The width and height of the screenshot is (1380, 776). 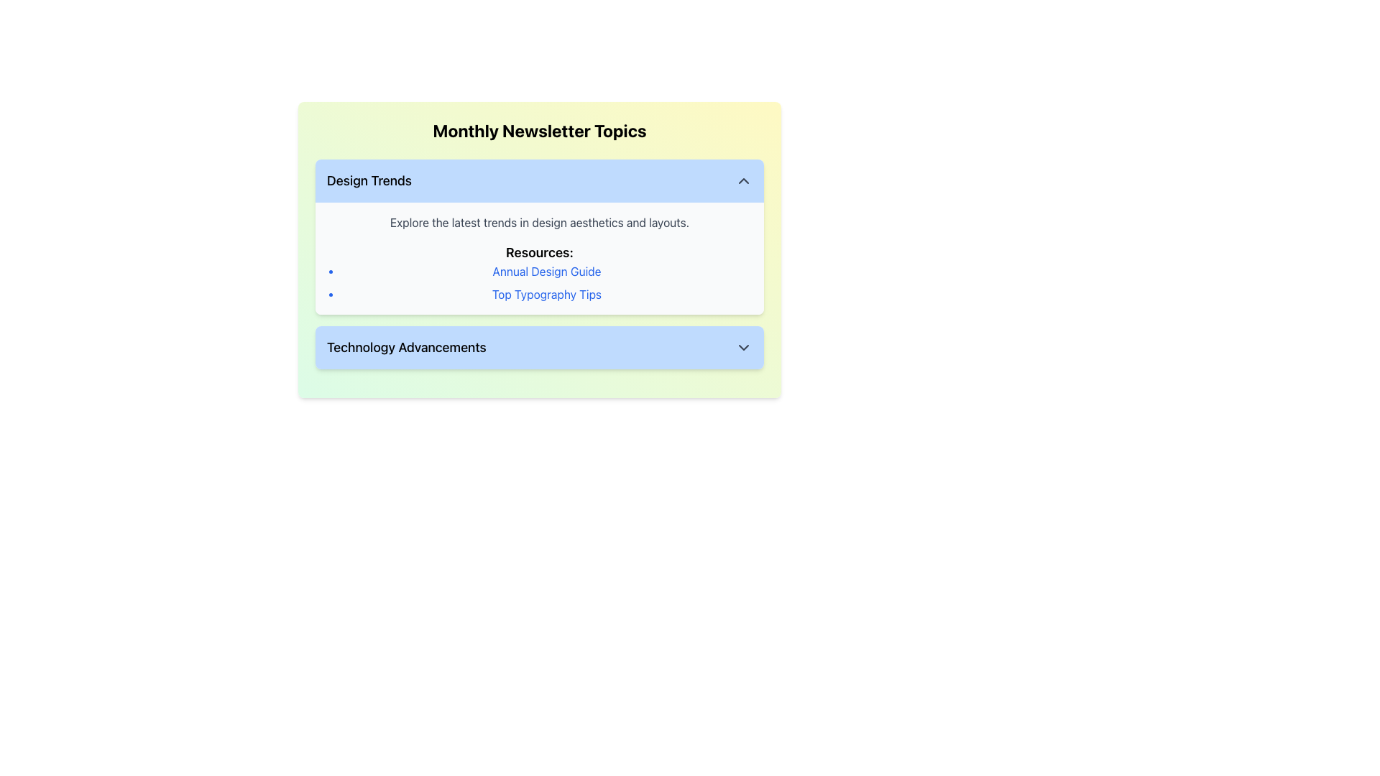 I want to click on the Indicator Icon at the far right end of the 'Technology Advancements' button, so click(x=744, y=347).